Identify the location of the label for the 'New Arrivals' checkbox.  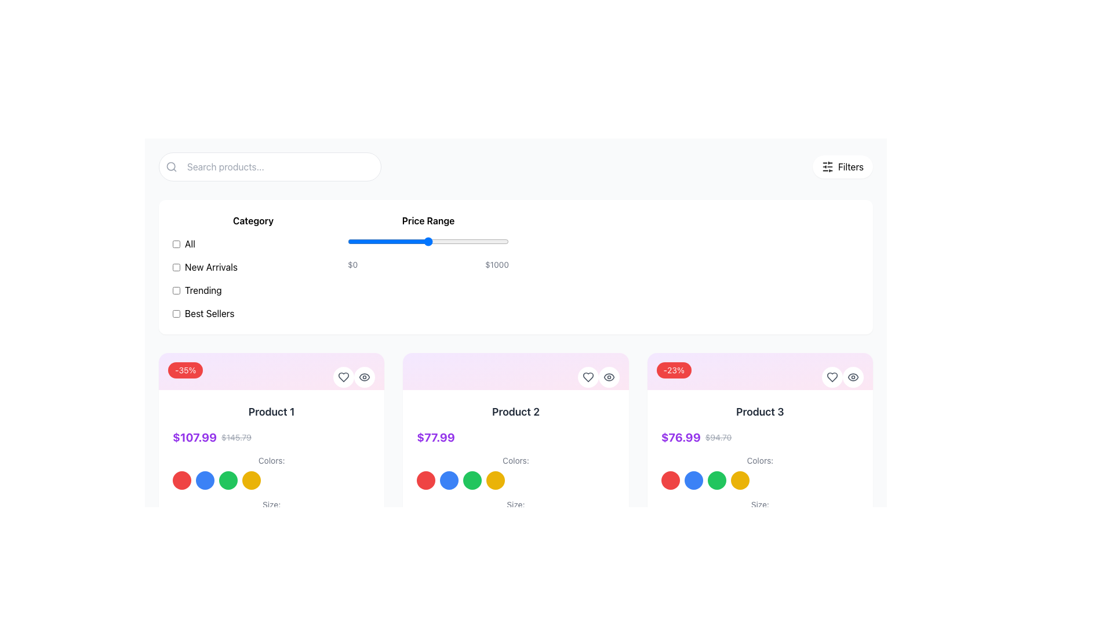
(211, 267).